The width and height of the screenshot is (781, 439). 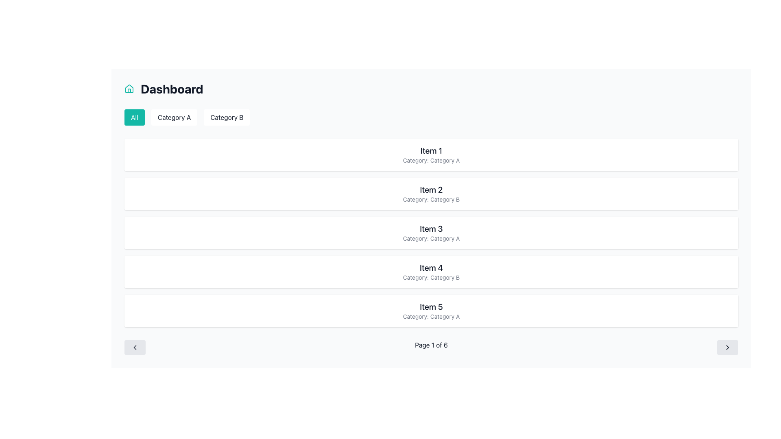 What do you see at coordinates (728, 348) in the screenshot?
I see `the 'Next' button located at the bottom right of the interface` at bounding box center [728, 348].